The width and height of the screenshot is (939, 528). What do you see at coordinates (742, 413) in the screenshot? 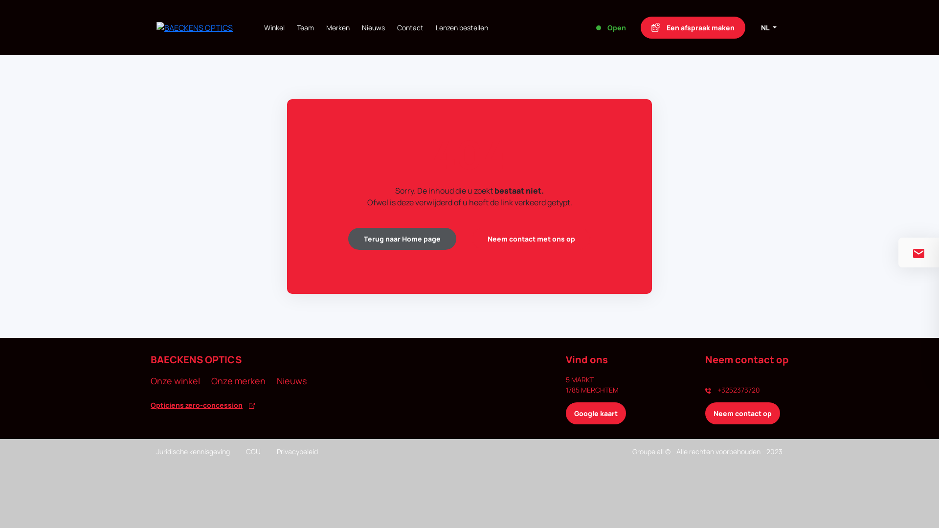
I see `'Neem contact op'` at bounding box center [742, 413].